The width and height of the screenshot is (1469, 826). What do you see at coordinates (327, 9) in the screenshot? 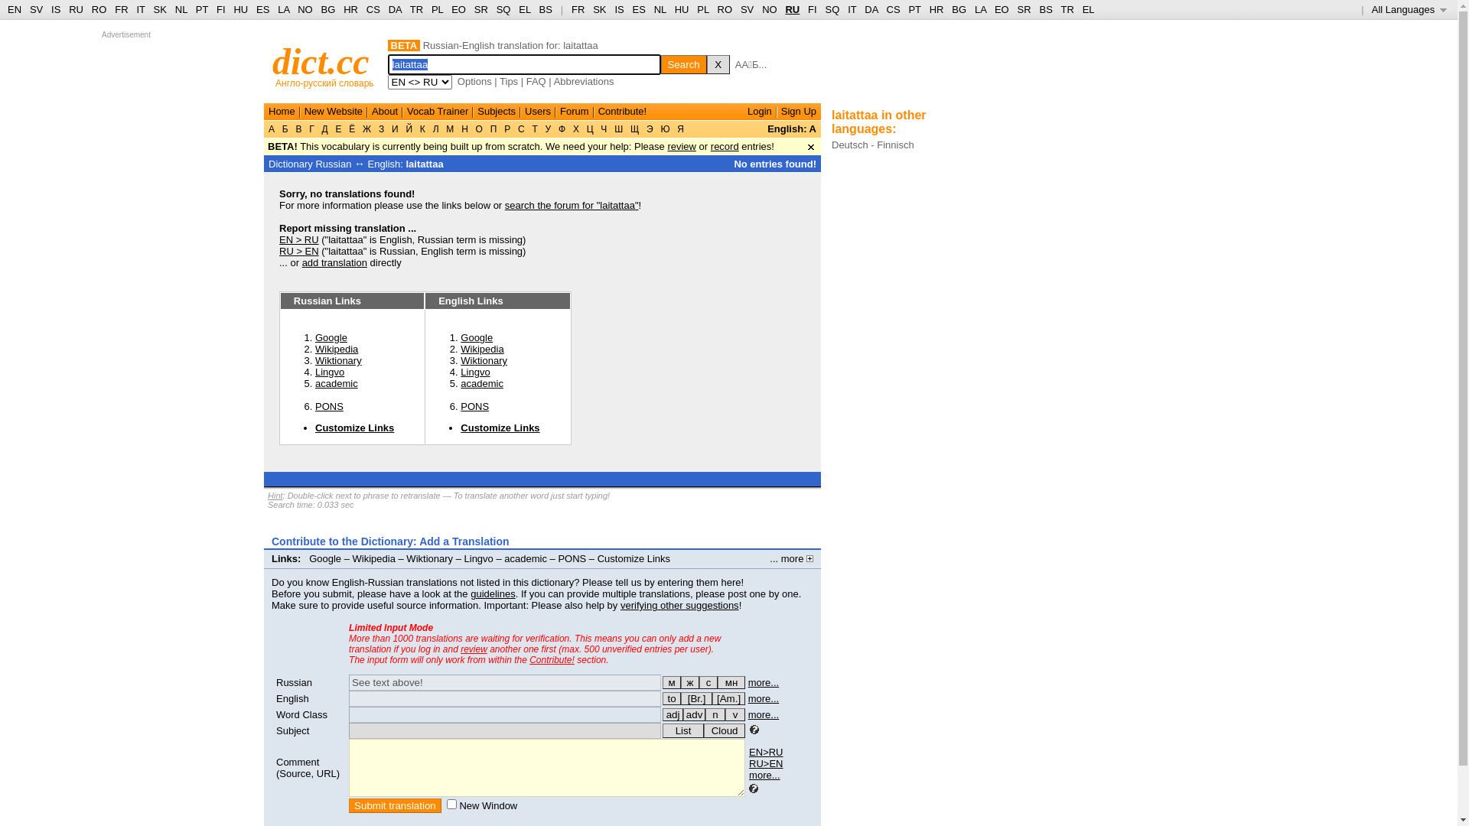
I see `'BG'` at bounding box center [327, 9].